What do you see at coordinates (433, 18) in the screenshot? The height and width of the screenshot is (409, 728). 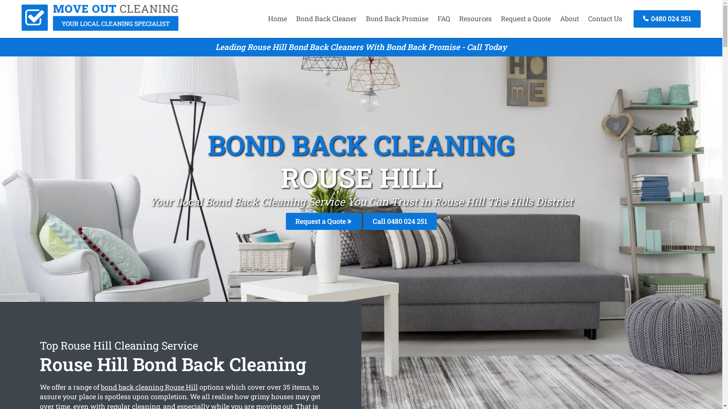 I see `'FAQ'` at bounding box center [433, 18].